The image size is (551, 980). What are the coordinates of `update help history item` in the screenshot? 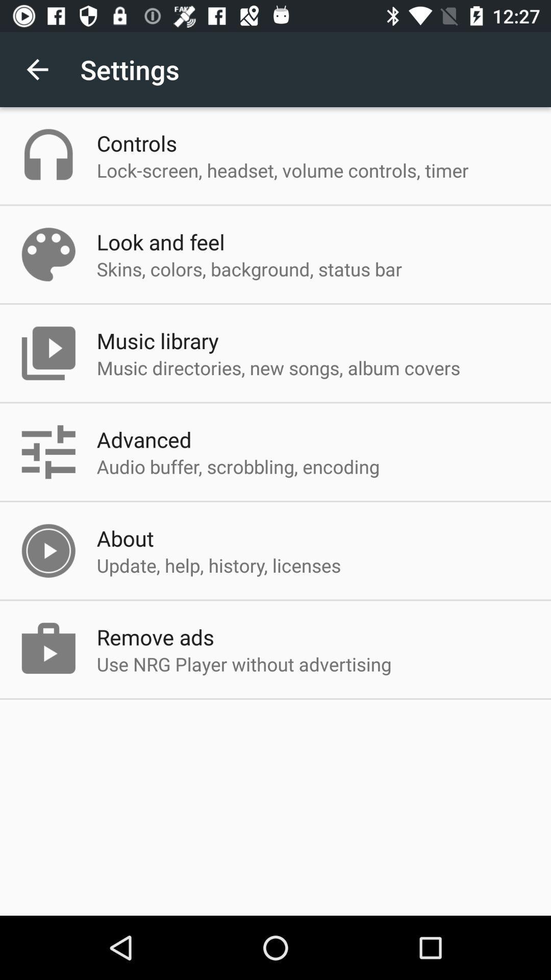 It's located at (218, 565).